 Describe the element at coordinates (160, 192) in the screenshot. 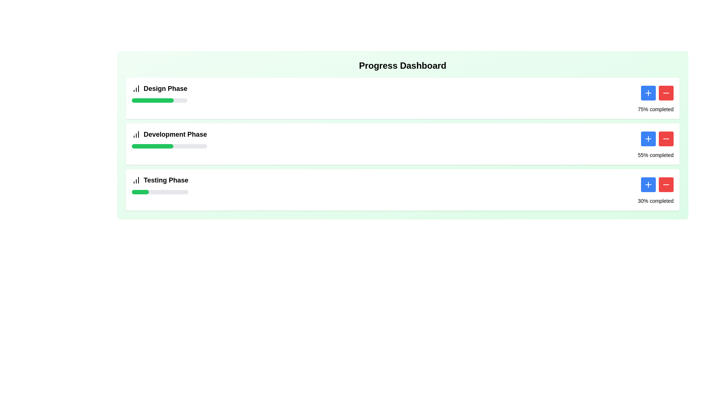

I see `the horizontal progress bar indicating progress under the 'Testing Phase' heading` at that location.